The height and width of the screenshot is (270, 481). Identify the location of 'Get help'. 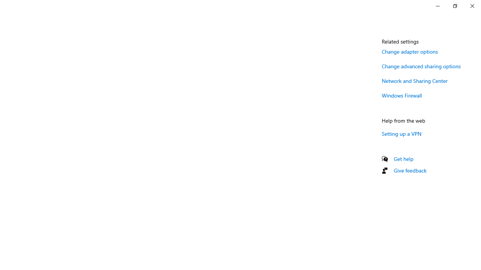
(403, 158).